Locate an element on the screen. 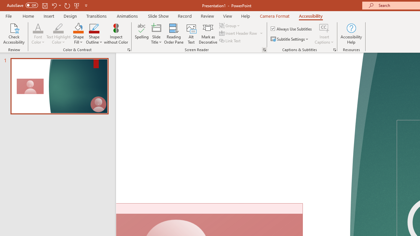 This screenshot has width=420, height=236. 'Group' is located at coordinates (230, 25).